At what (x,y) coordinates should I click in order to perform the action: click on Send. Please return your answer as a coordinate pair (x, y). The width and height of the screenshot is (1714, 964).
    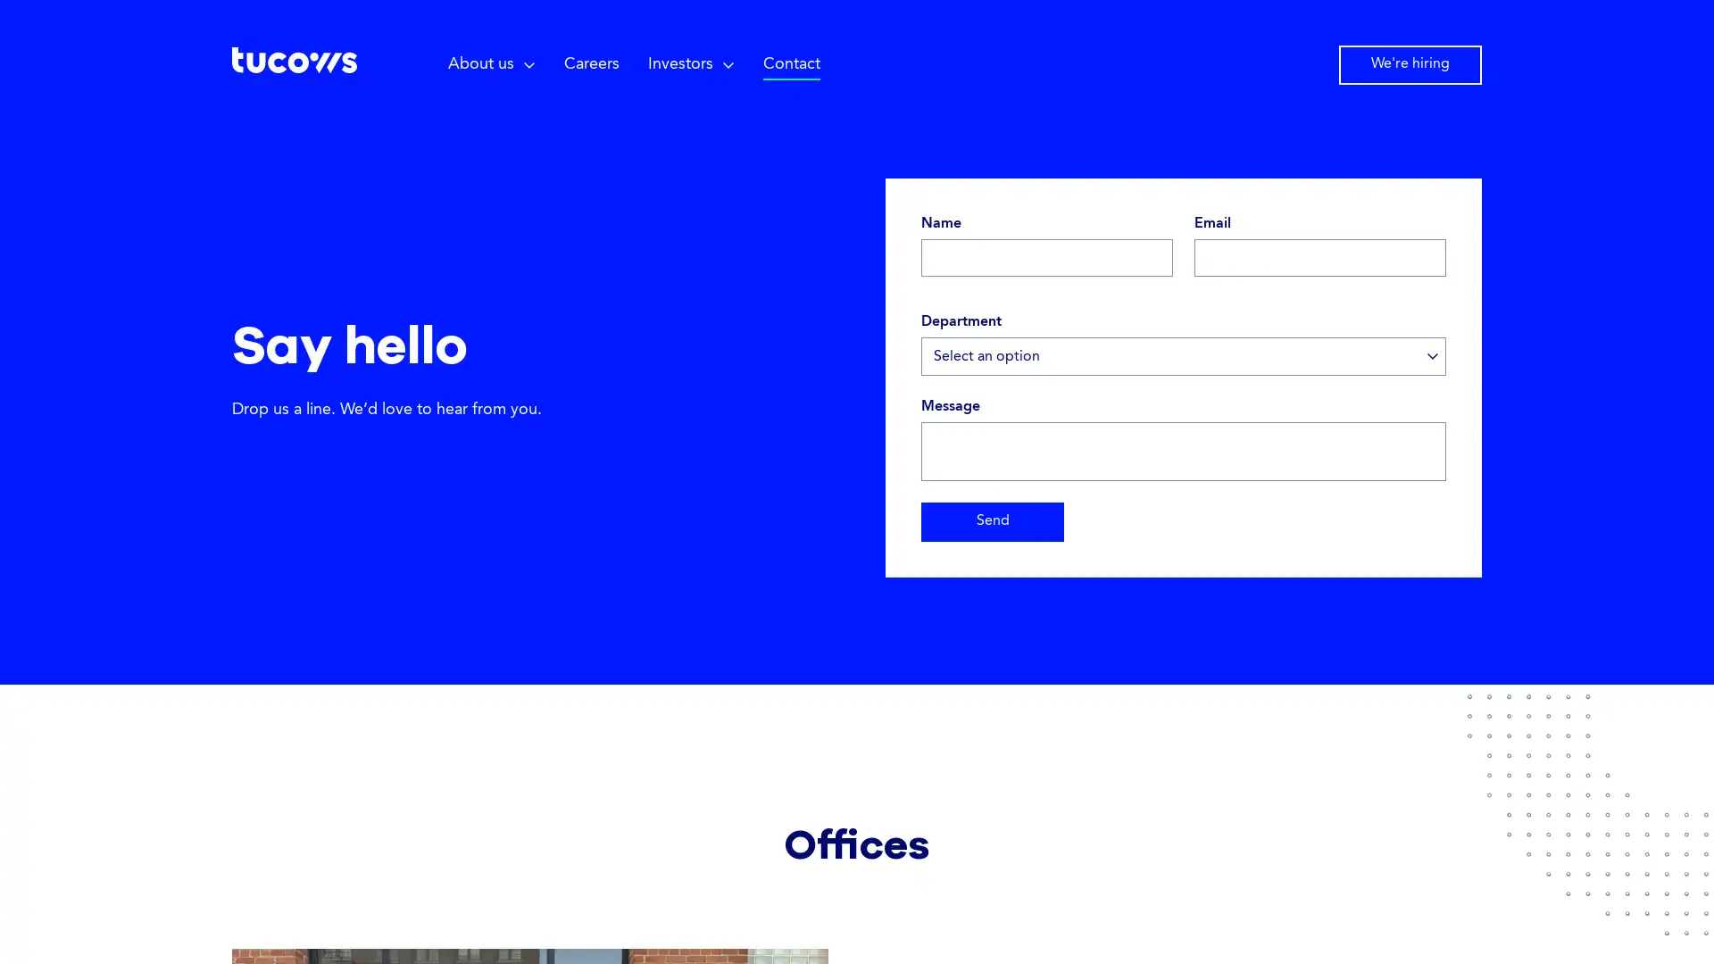
    Looking at the image, I should click on (992, 522).